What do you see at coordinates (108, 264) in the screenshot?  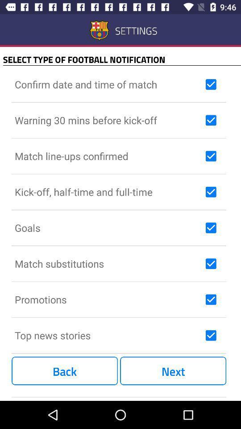 I see `the match substitutions icon` at bounding box center [108, 264].